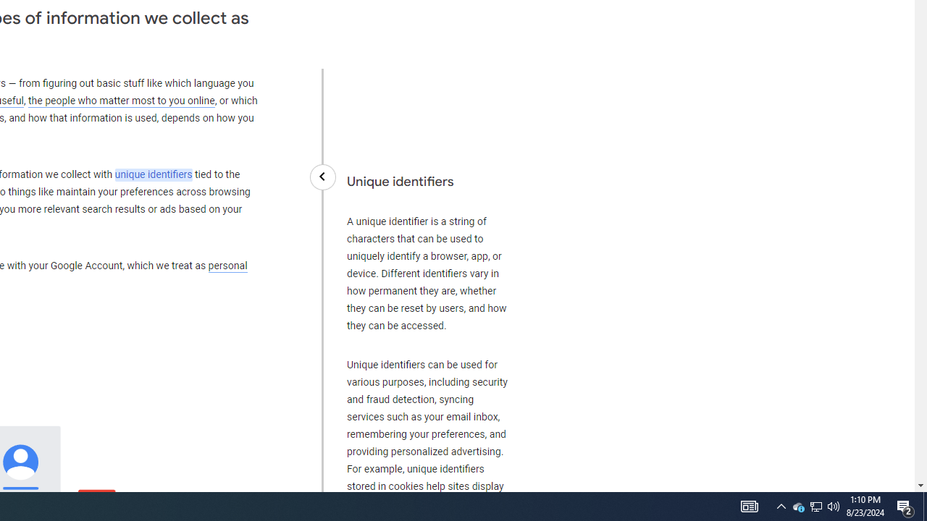 The width and height of the screenshot is (927, 521). What do you see at coordinates (121, 100) in the screenshot?
I see `'the people who matter most to you online'` at bounding box center [121, 100].